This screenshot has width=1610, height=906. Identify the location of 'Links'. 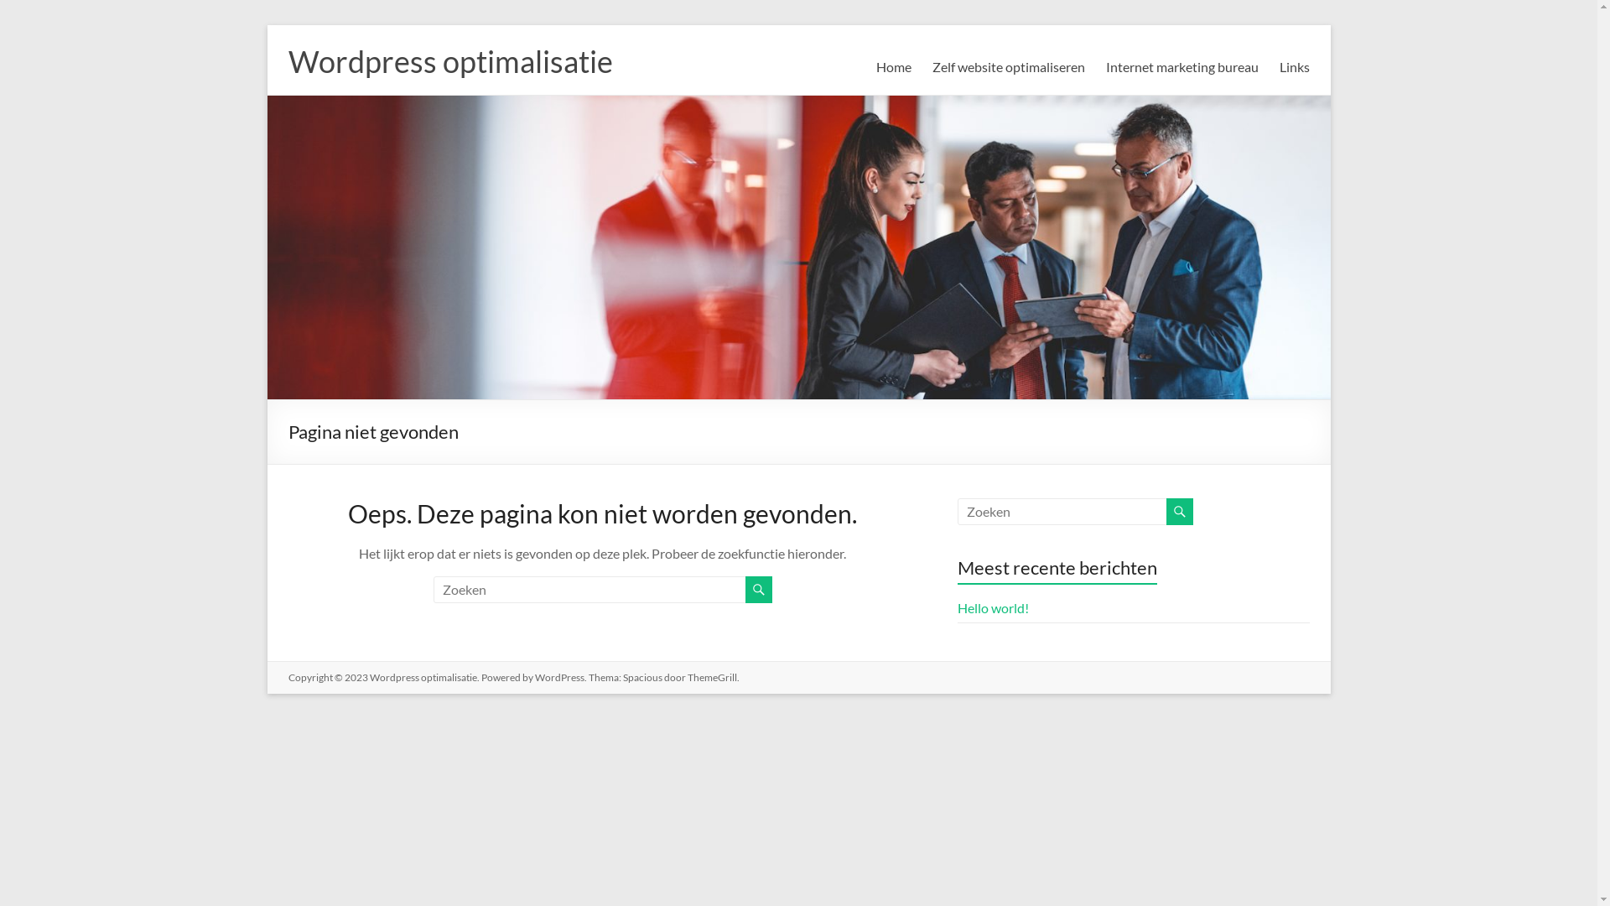
(1294, 66).